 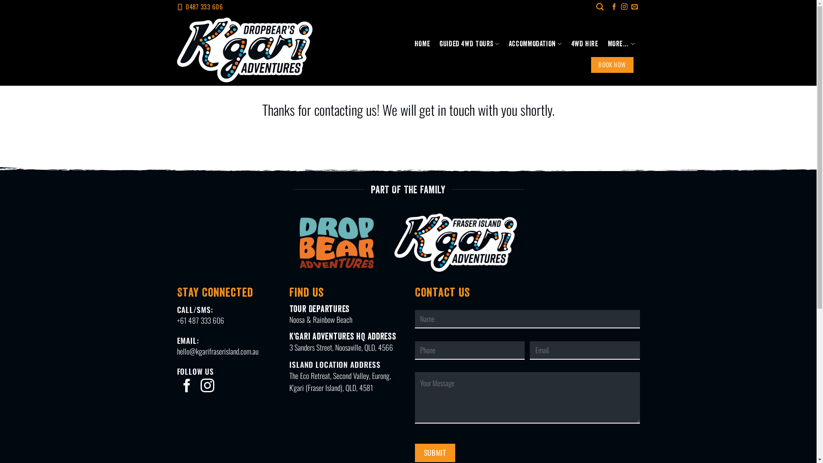 What do you see at coordinates (204, 6) in the screenshot?
I see `'0487 333 606'` at bounding box center [204, 6].